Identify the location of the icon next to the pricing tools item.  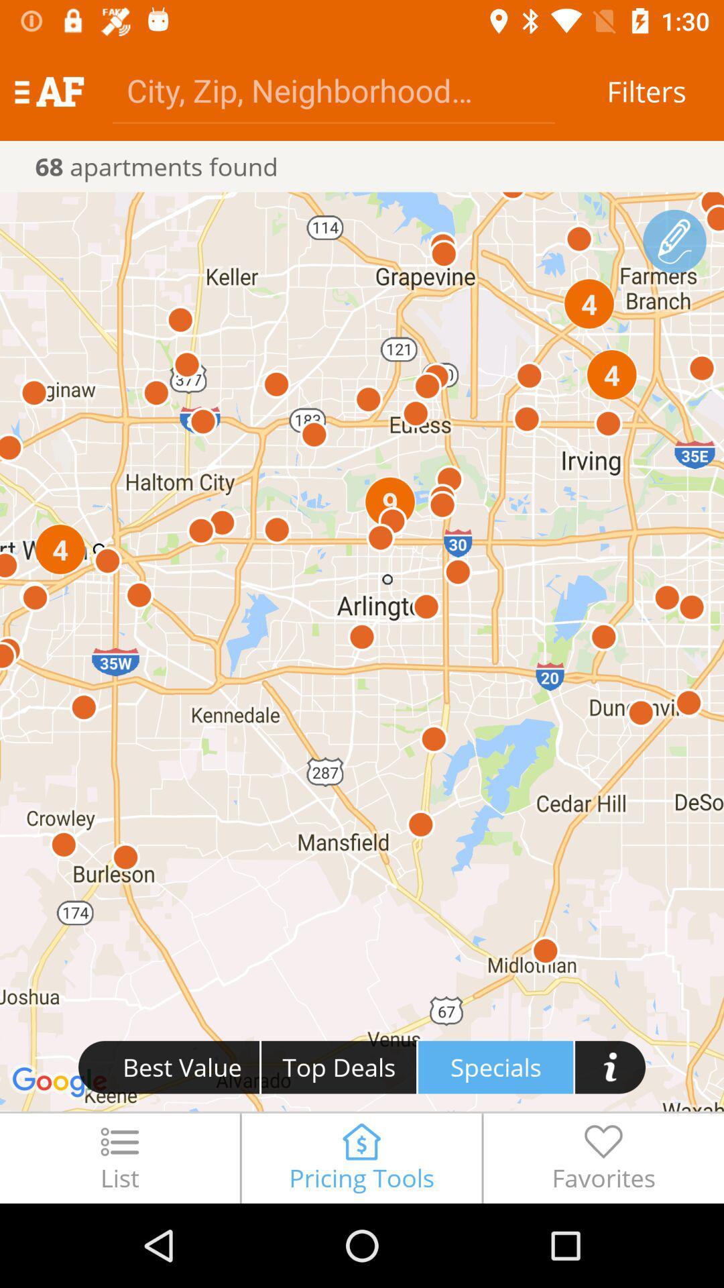
(603, 1157).